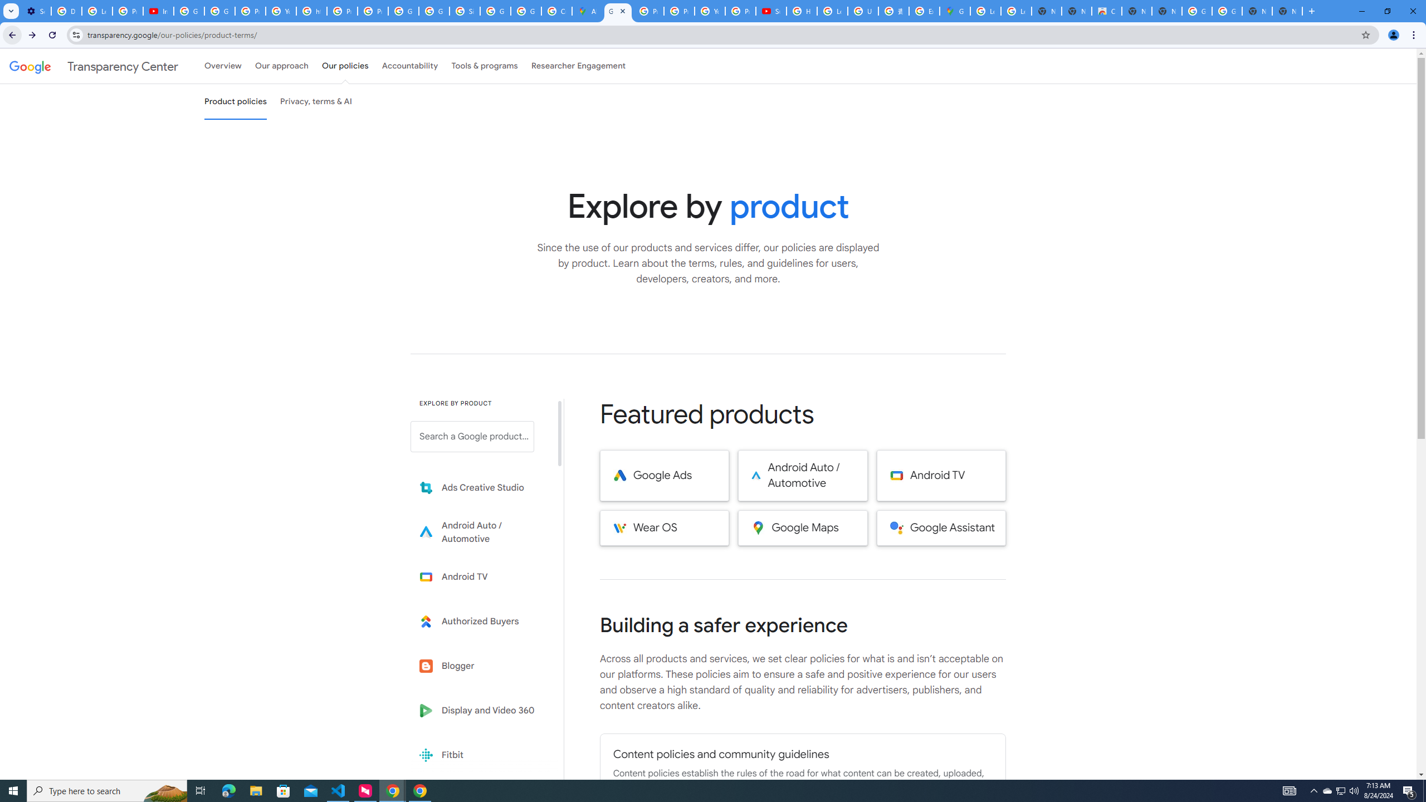  Describe the element at coordinates (1287, 11) in the screenshot. I see `'New Tab'` at that location.